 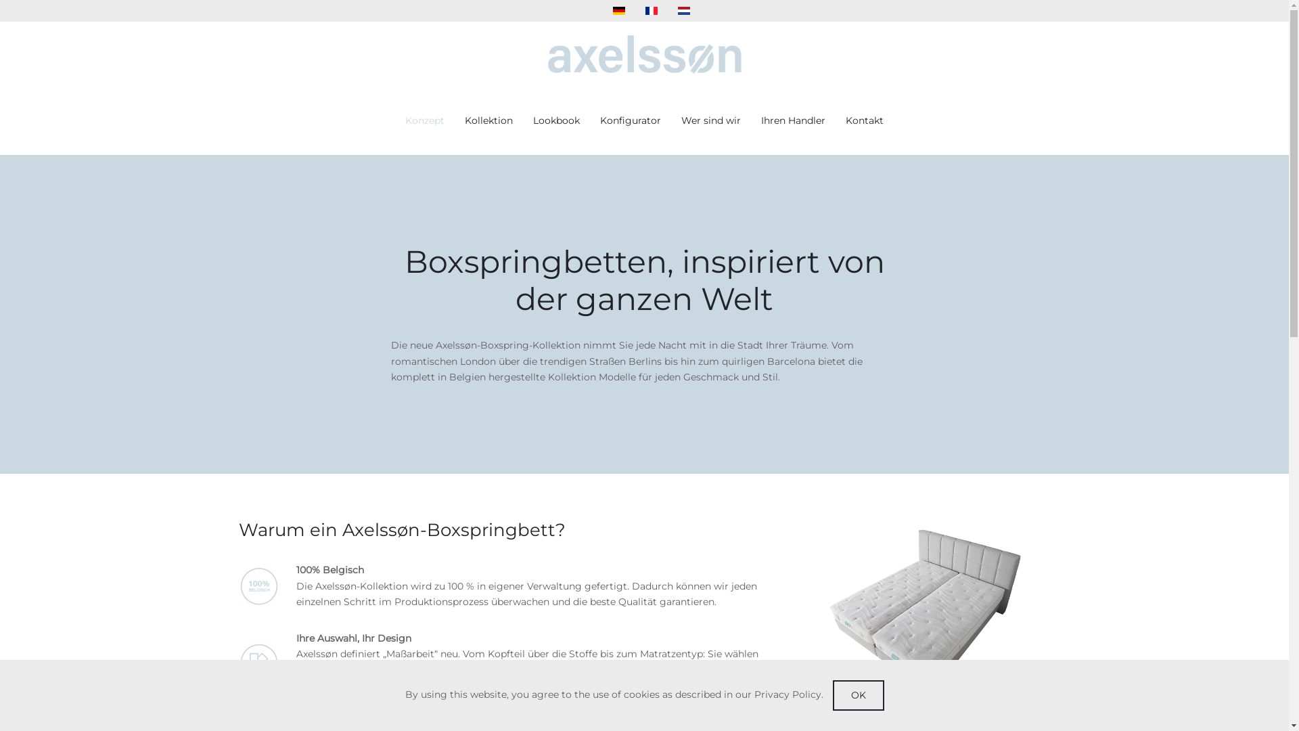 What do you see at coordinates (629, 120) in the screenshot?
I see `'Konfigurator'` at bounding box center [629, 120].